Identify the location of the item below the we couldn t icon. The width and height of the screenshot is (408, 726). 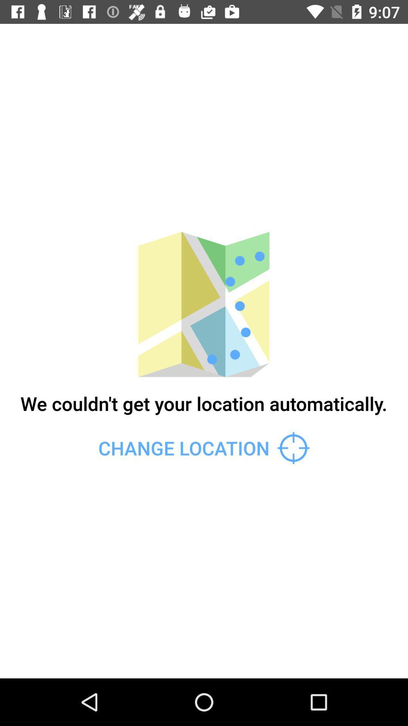
(203, 448).